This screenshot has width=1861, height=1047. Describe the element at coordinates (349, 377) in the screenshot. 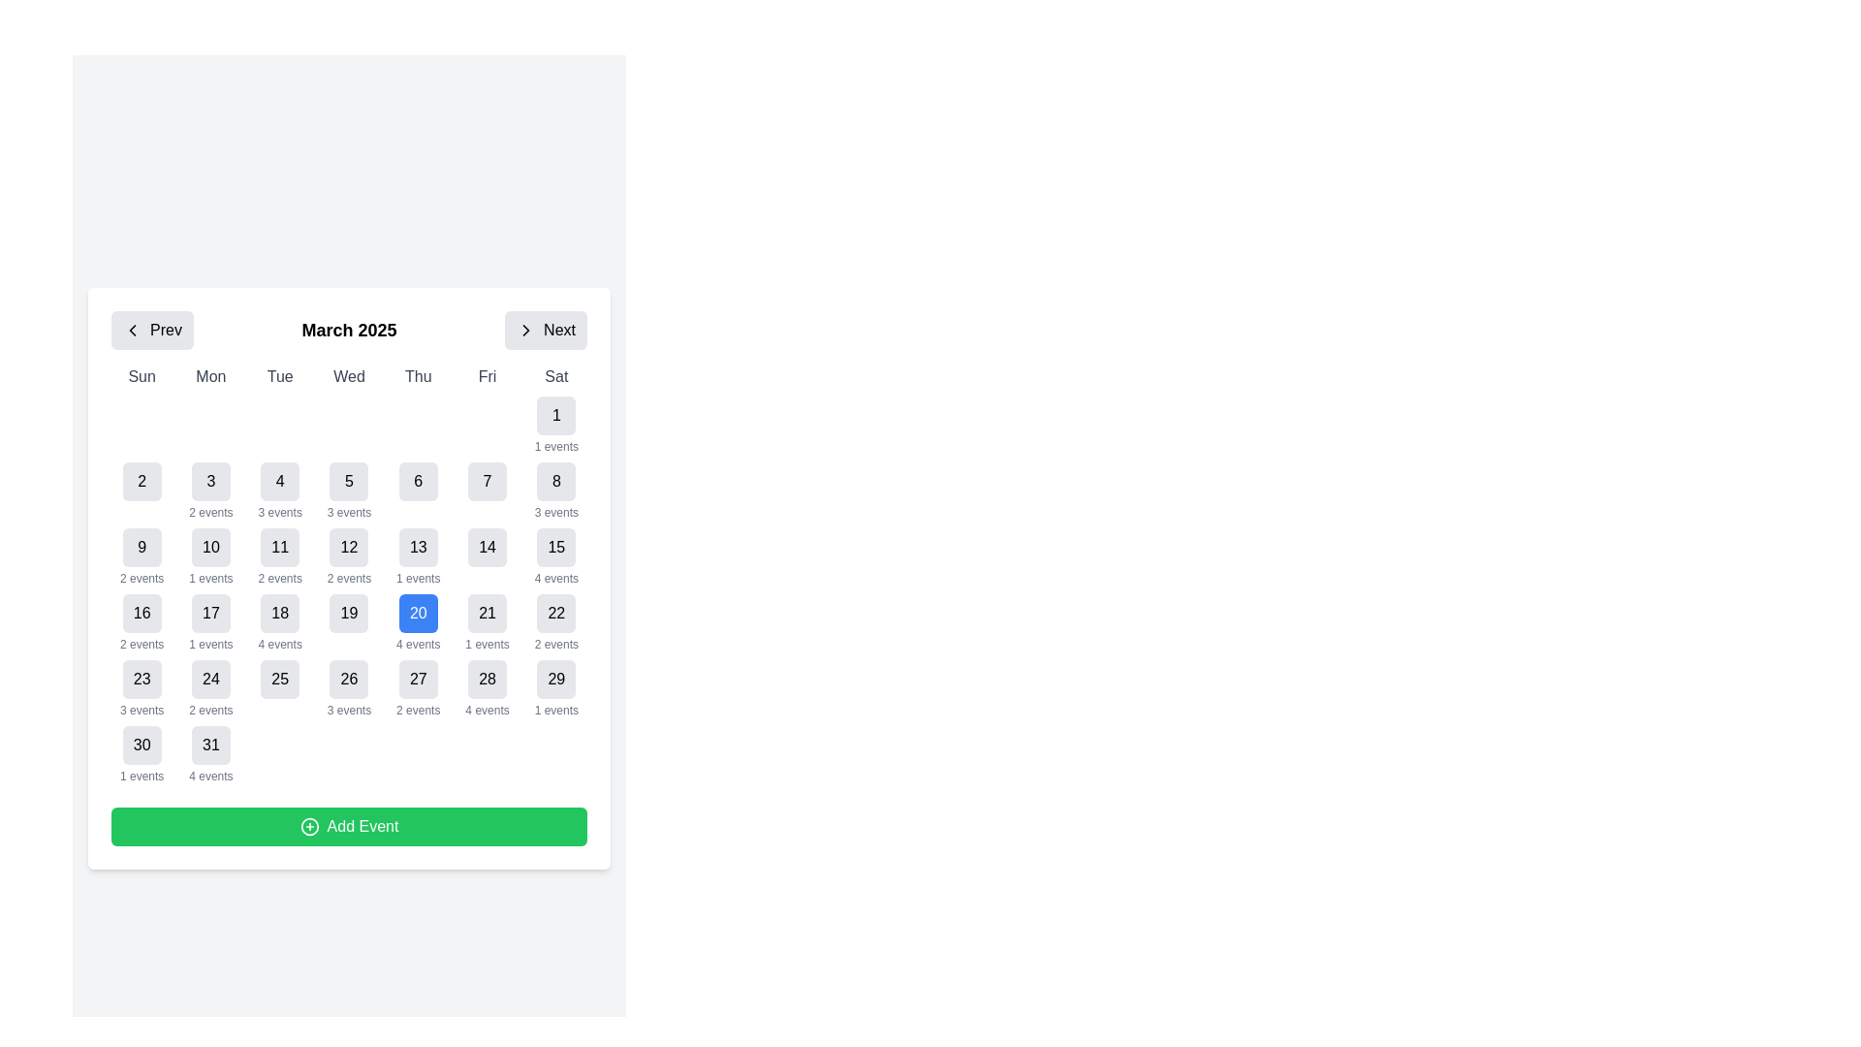

I see `the text indicating Wednesday in the calendar view` at that location.